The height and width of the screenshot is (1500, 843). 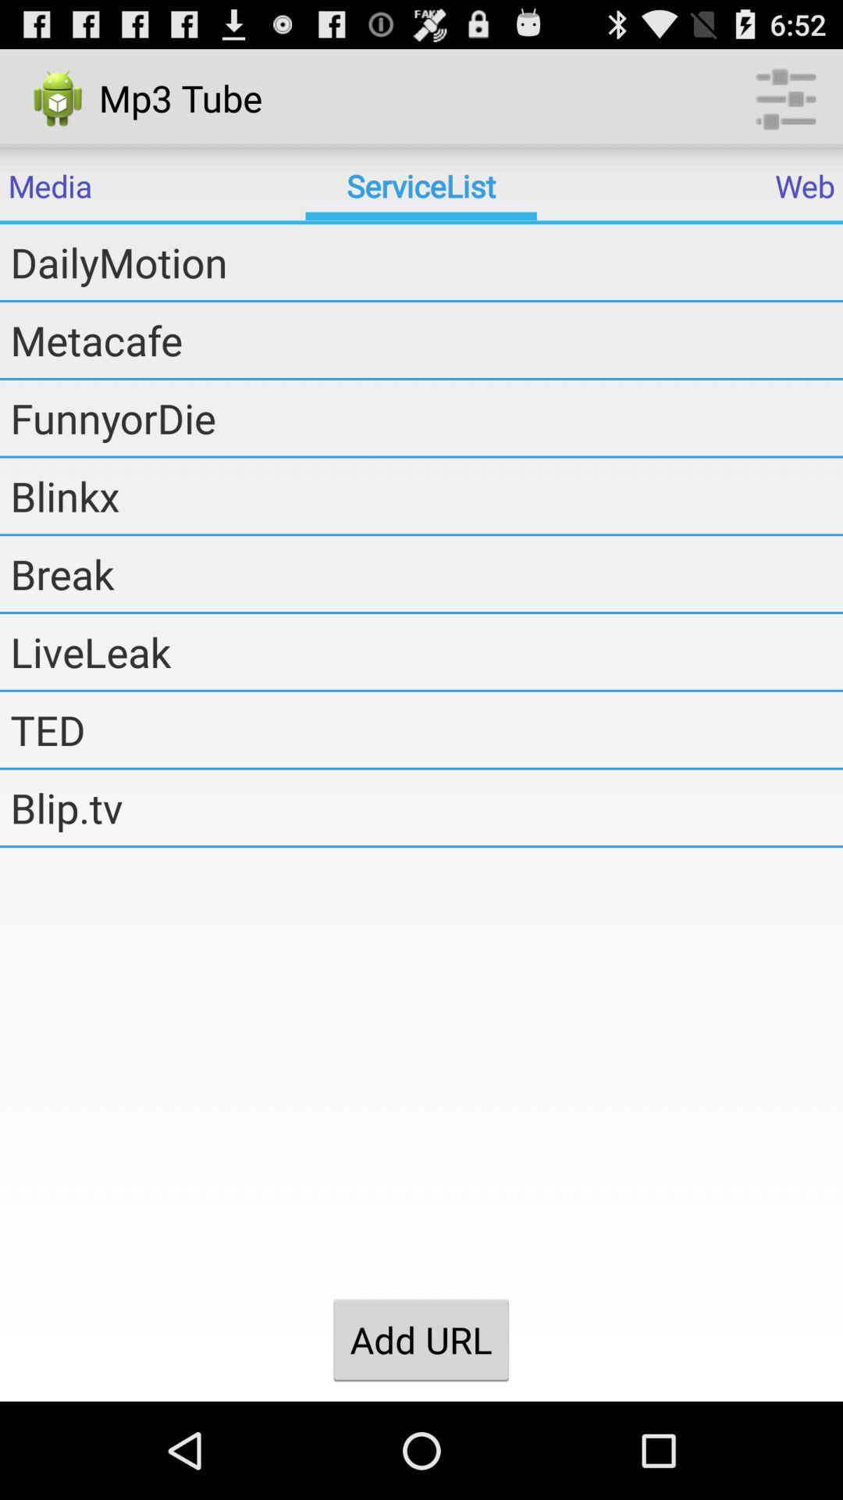 What do you see at coordinates (426, 418) in the screenshot?
I see `funnyordie icon` at bounding box center [426, 418].